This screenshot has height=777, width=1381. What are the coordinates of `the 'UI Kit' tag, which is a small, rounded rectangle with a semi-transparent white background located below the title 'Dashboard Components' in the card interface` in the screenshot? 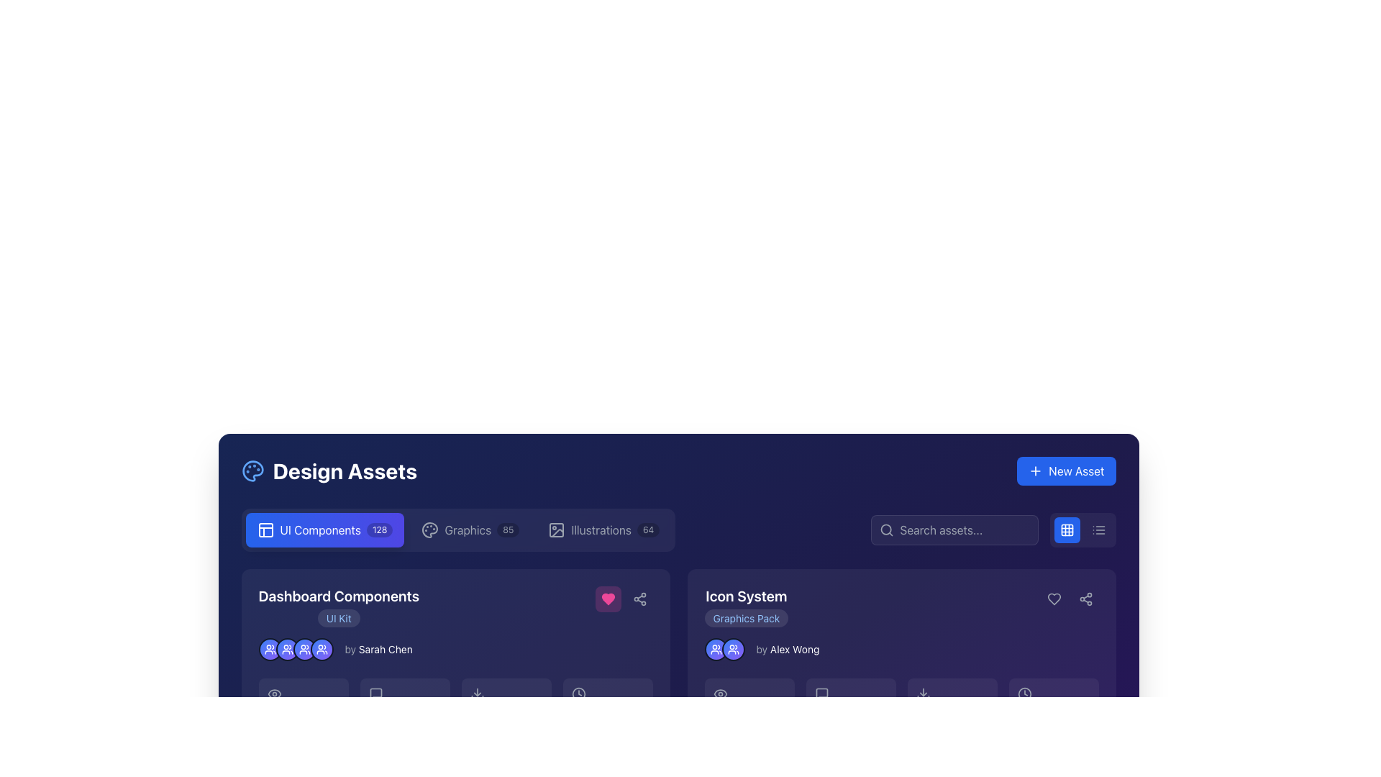 It's located at (338, 617).